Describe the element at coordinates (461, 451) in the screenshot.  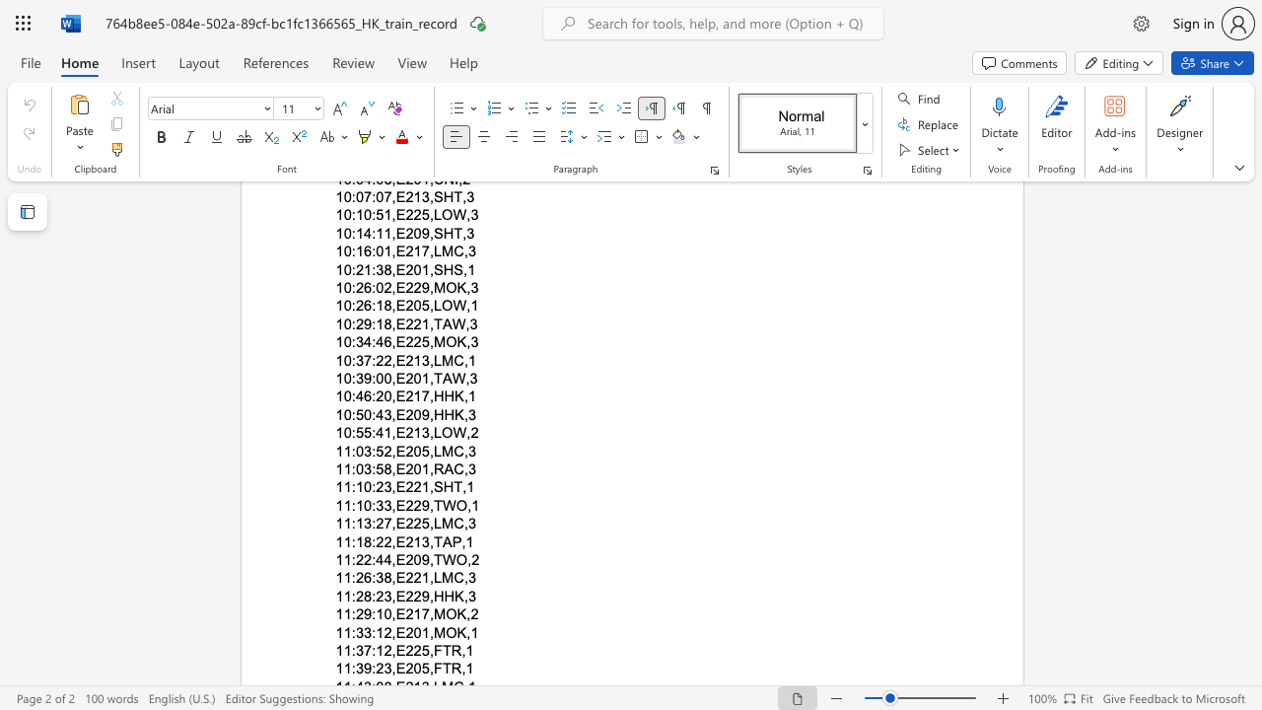
I see `the space between the continuous character "C" and "," in the text` at that location.